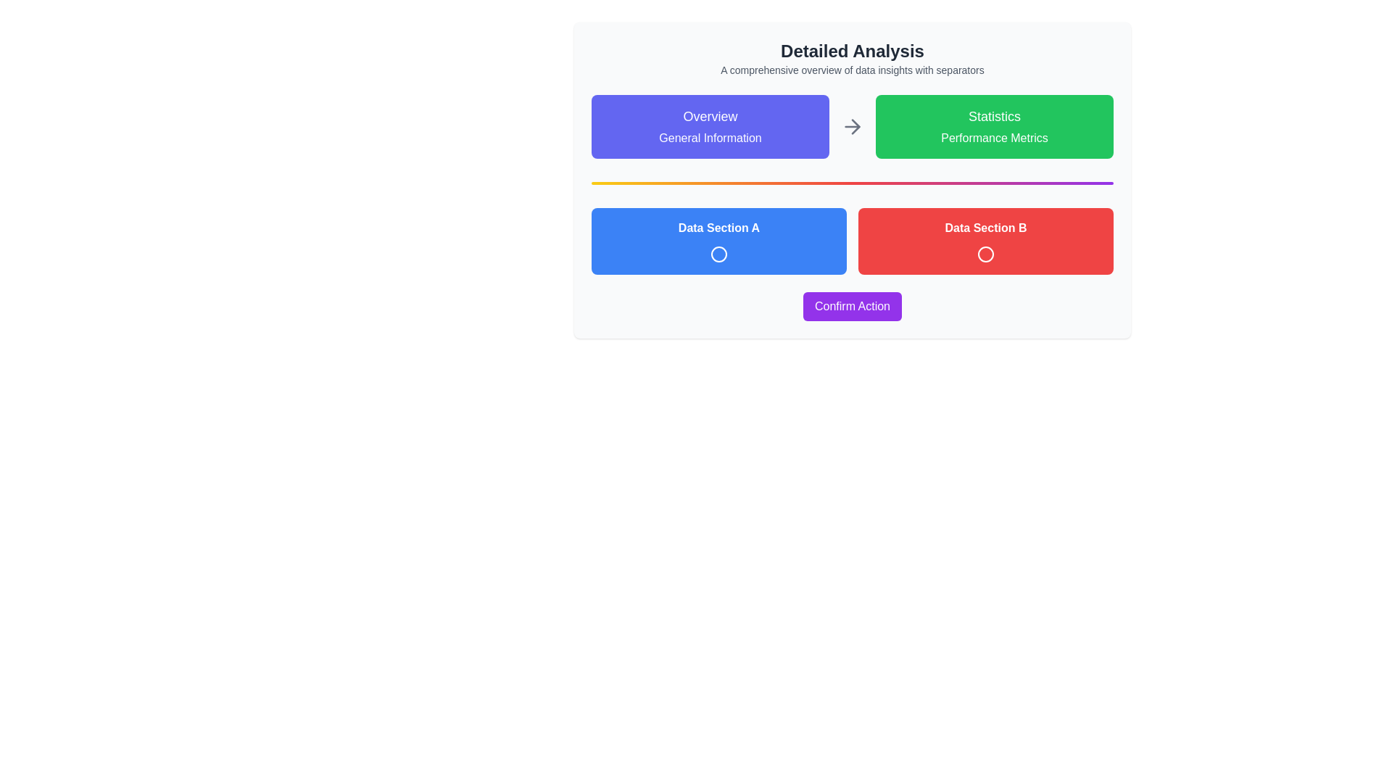  Describe the element at coordinates (719, 254) in the screenshot. I see `the circular icon with a white stroke on a blue background, located in the lower section of 'Data Section A.'` at that location.